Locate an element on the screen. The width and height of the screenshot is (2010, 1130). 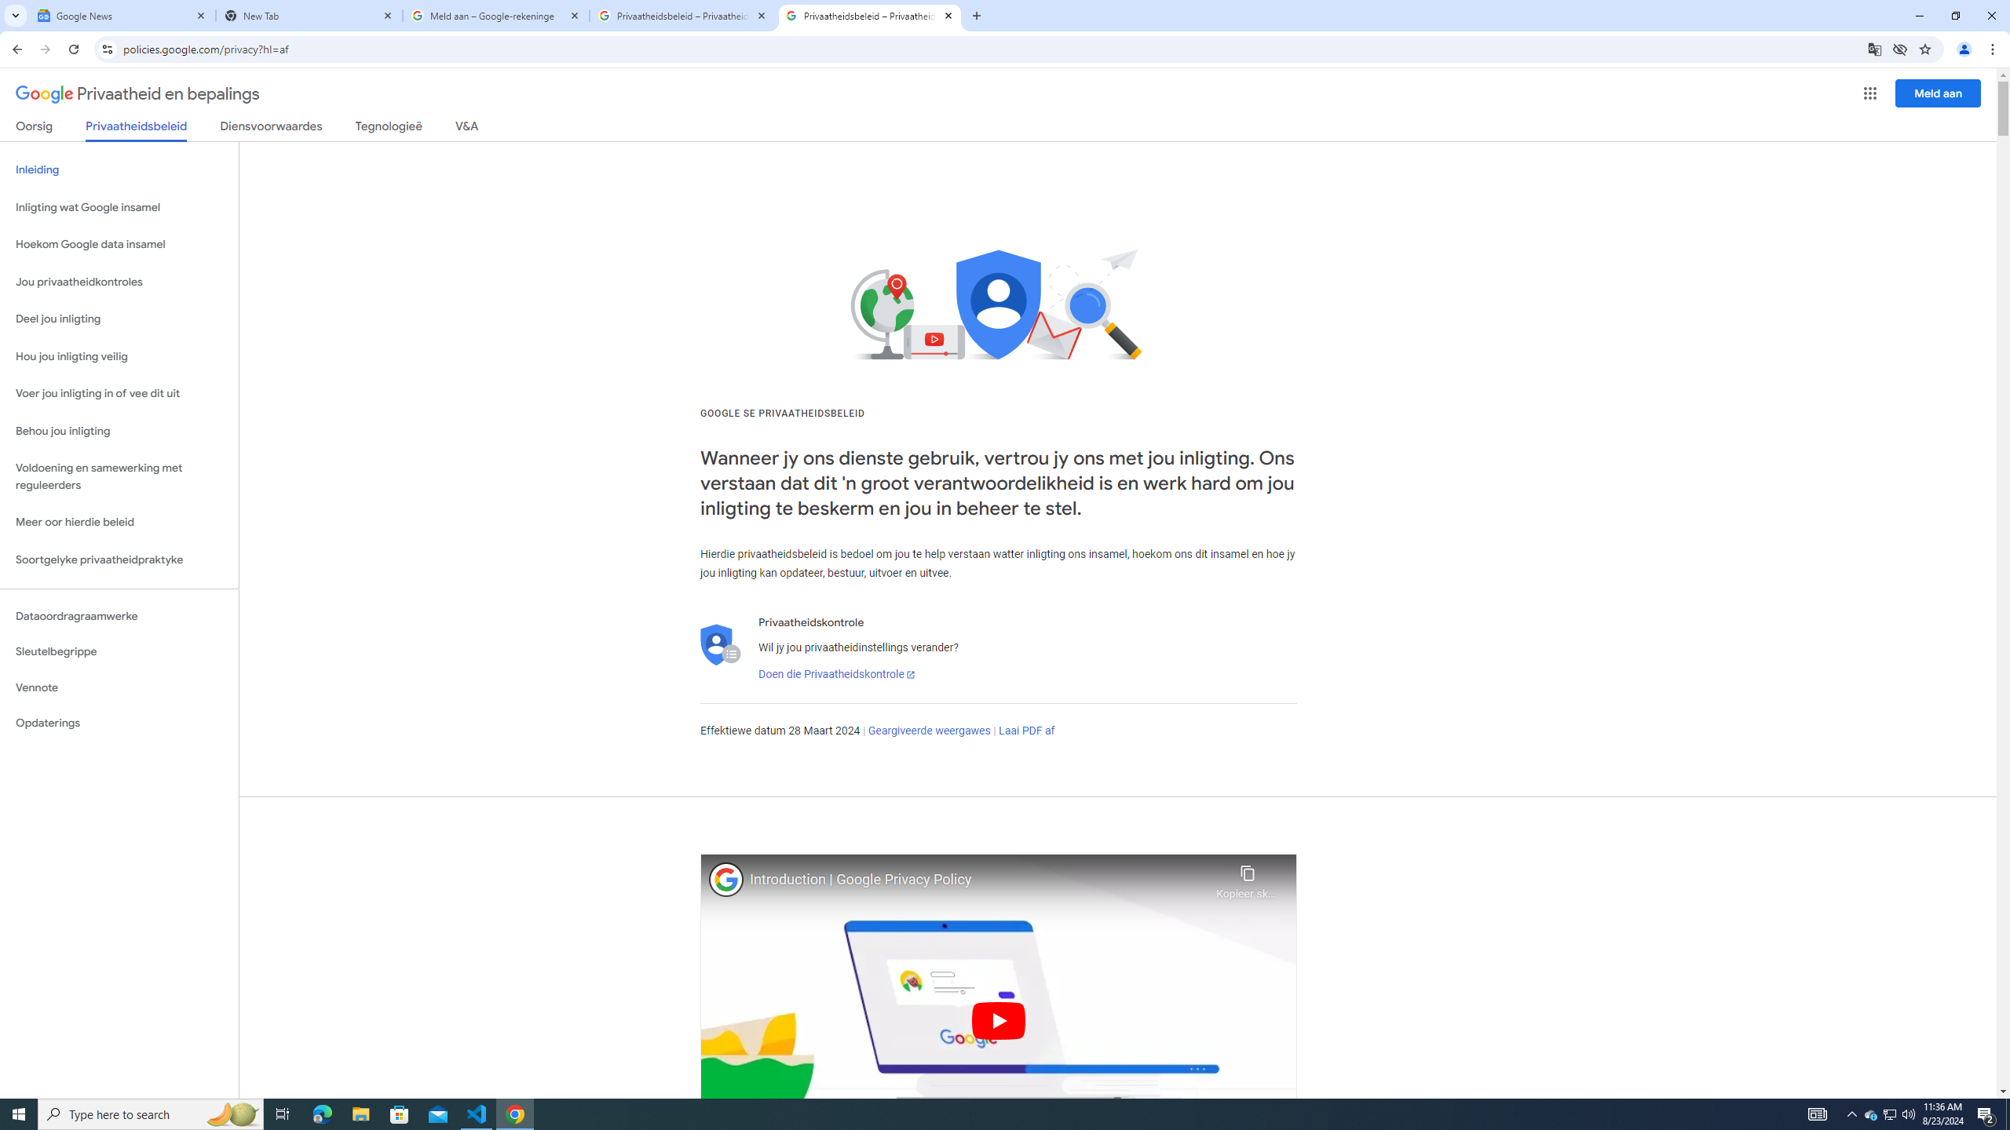
'Soortgelyke privaatheidpraktyke' is located at coordinates (119, 559).